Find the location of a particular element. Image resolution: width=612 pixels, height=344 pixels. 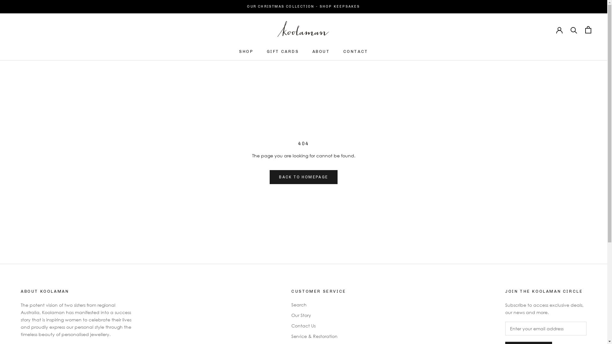

'ABOUT is located at coordinates (312, 51).